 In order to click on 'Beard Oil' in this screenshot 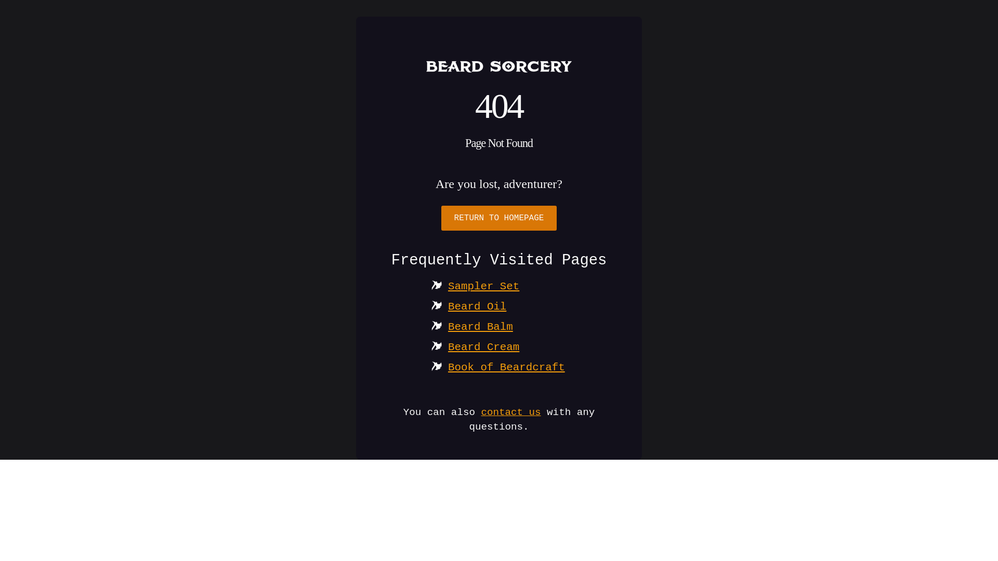, I will do `click(476, 306)`.